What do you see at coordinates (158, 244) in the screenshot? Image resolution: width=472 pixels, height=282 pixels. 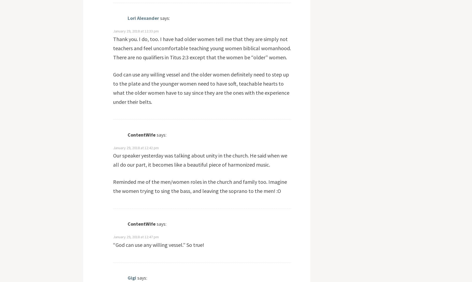 I see `'“God can use any willing vessel.” So true!'` at bounding box center [158, 244].